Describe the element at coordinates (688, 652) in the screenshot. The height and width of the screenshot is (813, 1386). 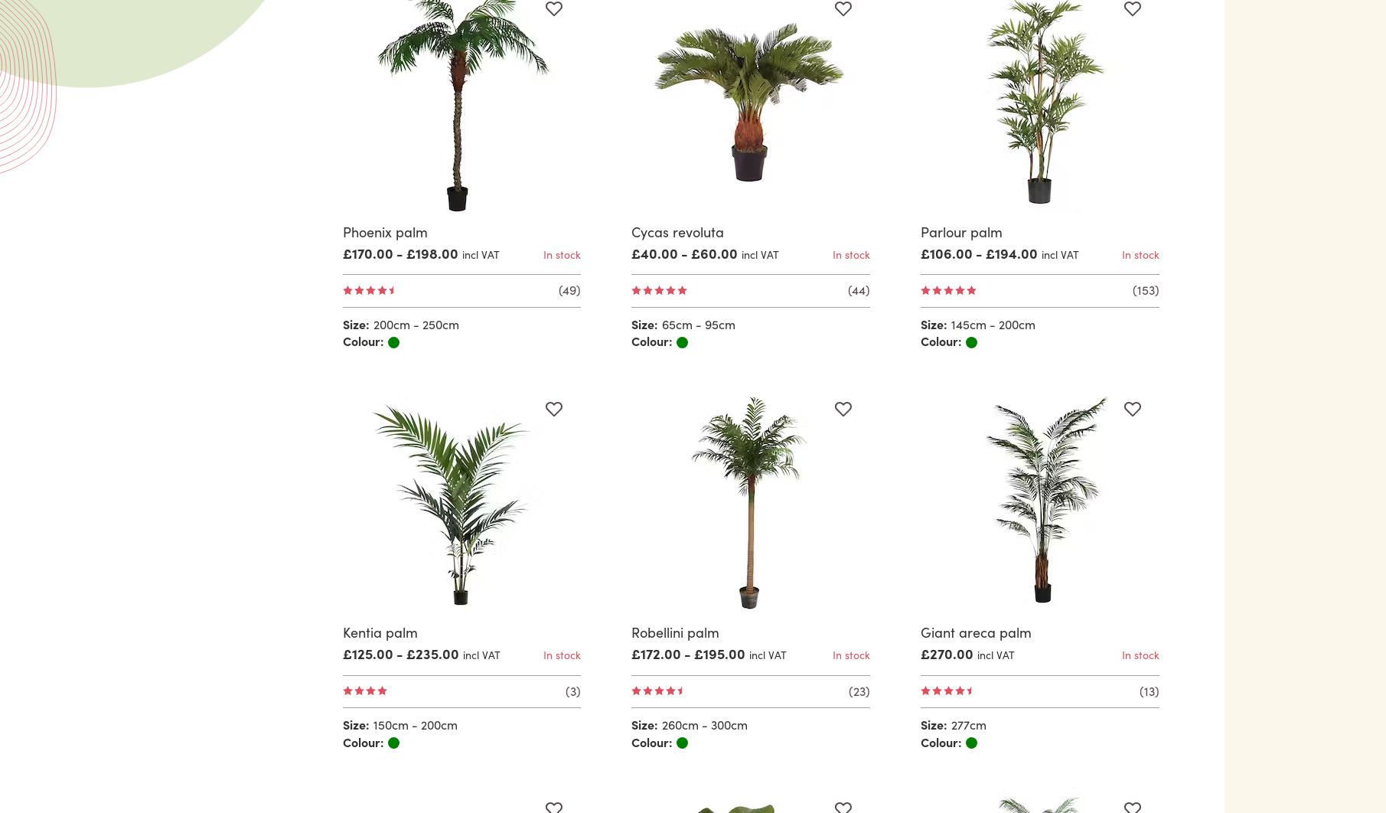
I see `'£172.00 - £195.00'` at that location.